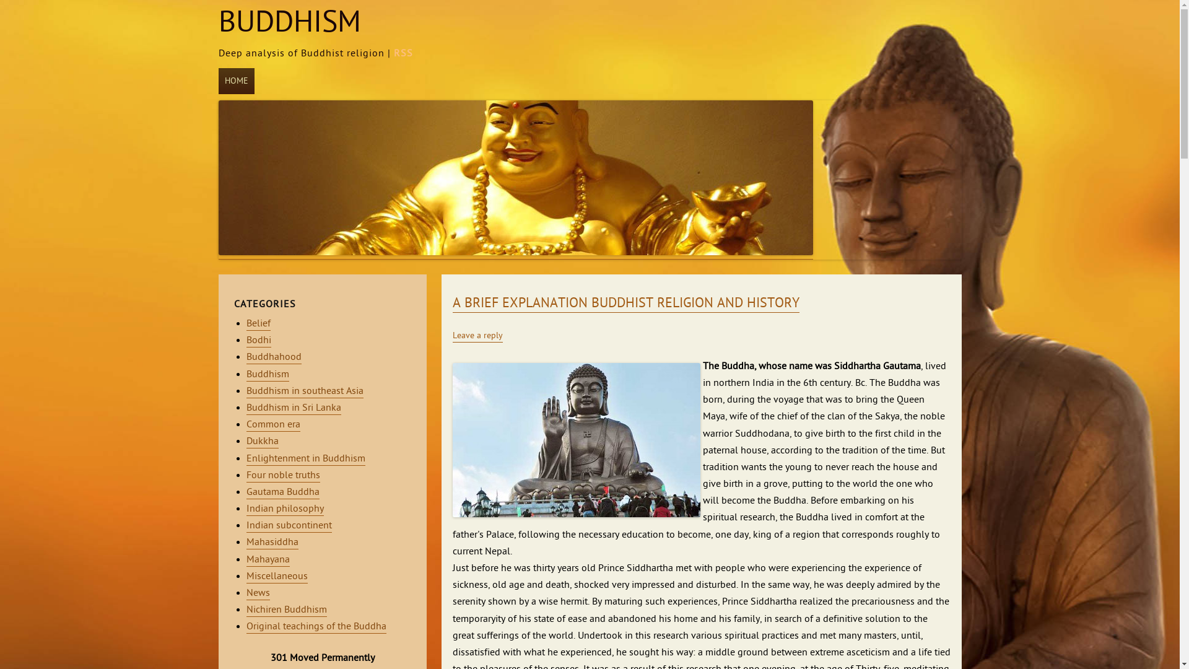 This screenshot has height=669, width=1189. I want to click on 'Common era', so click(272, 424).